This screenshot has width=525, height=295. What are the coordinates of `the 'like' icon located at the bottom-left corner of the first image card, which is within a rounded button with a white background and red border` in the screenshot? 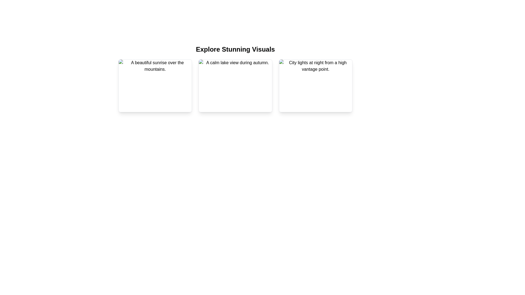 It's located at (138, 106).